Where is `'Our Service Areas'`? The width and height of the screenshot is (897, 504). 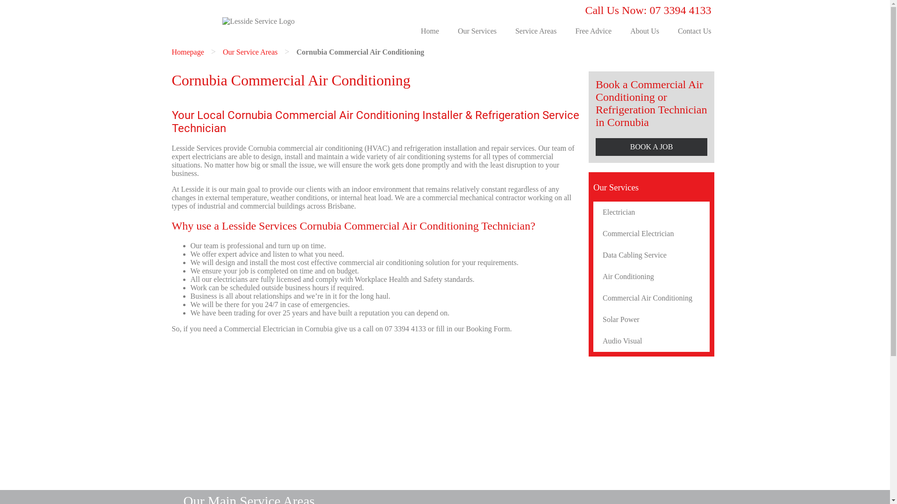 'Our Service Areas' is located at coordinates (250, 51).